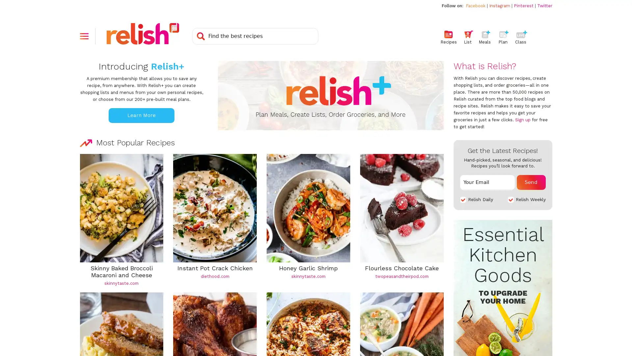 The height and width of the screenshot is (356, 632). Describe the element at coordinates (531, 182) in the screenshot. I see `Send` at that location.